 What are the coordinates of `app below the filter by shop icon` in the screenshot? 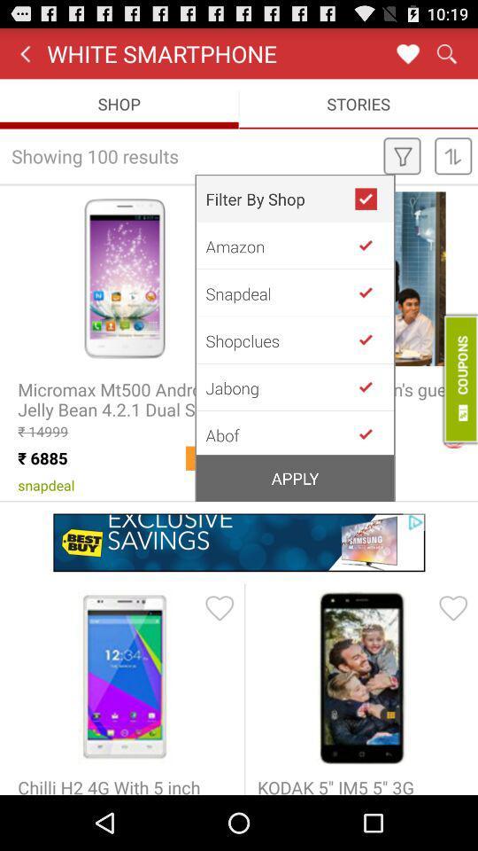 It's located at (280, 245).